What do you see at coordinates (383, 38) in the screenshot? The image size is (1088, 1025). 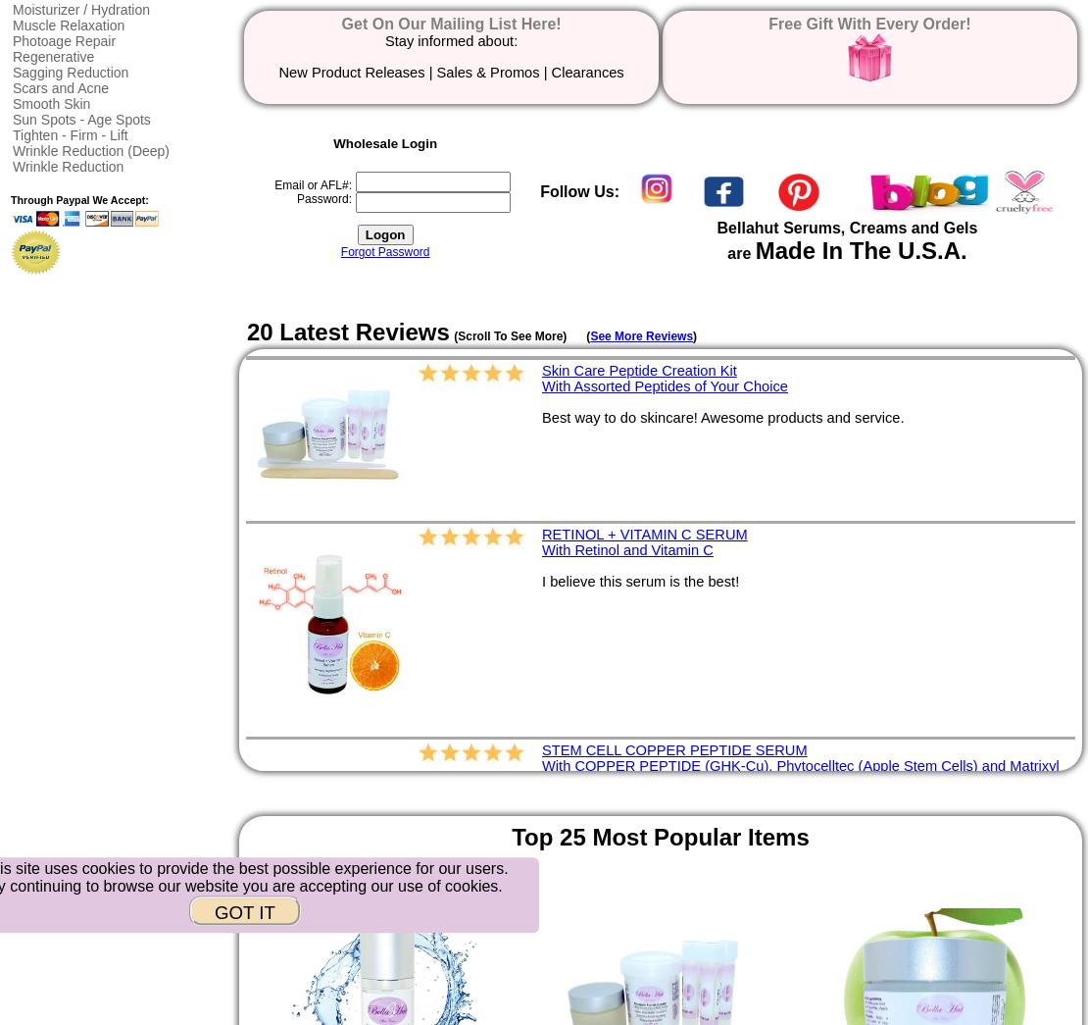 I see `'Stay informed about:'` at bounding box center [383, 38].